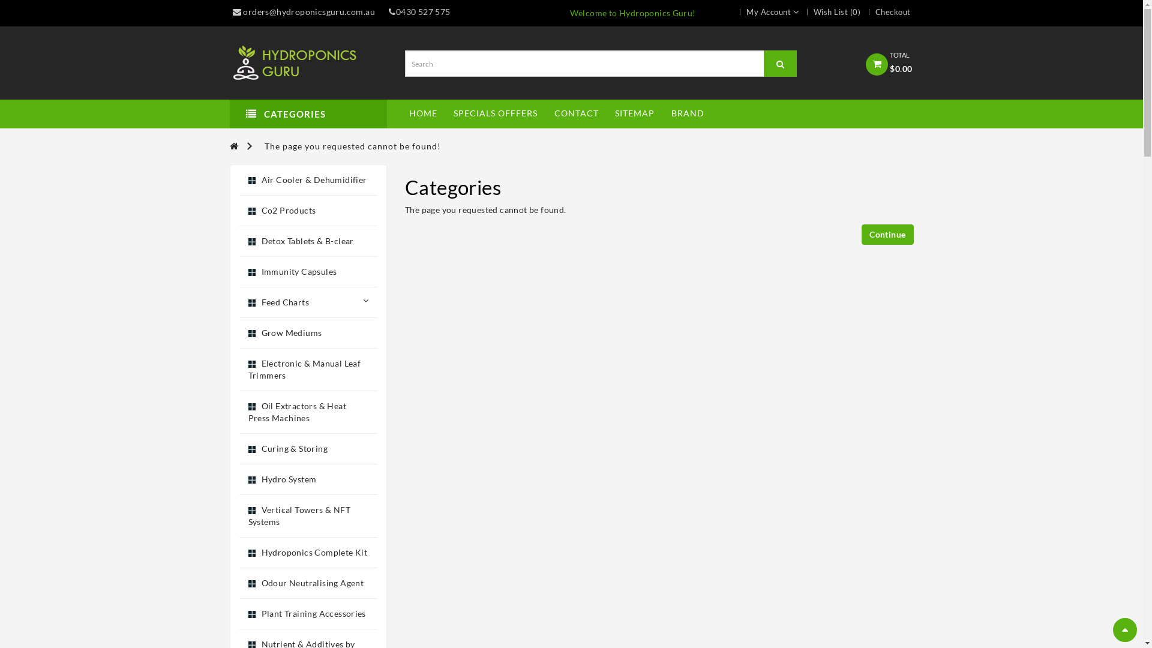 The width and height of the screenshot is (1152, 648). Describe the element at coordinates (308, 179) in the screenshot. I see `'Air Cooler & Dehumidifier'` at that location.